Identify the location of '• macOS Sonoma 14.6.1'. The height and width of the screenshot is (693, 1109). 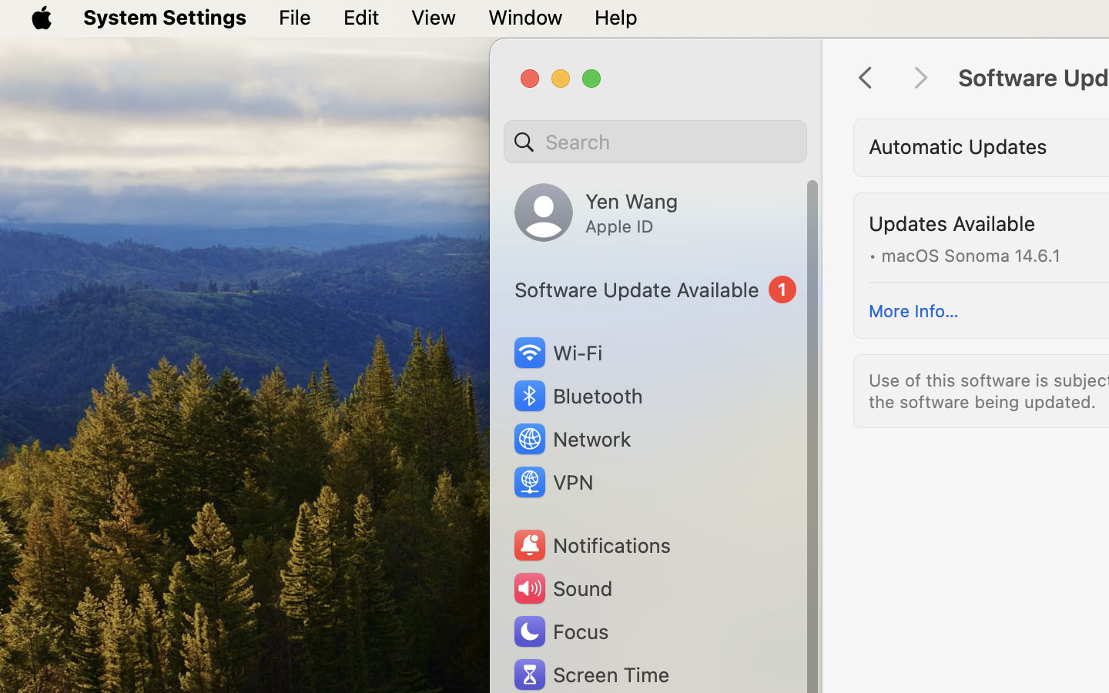
(963, 253).